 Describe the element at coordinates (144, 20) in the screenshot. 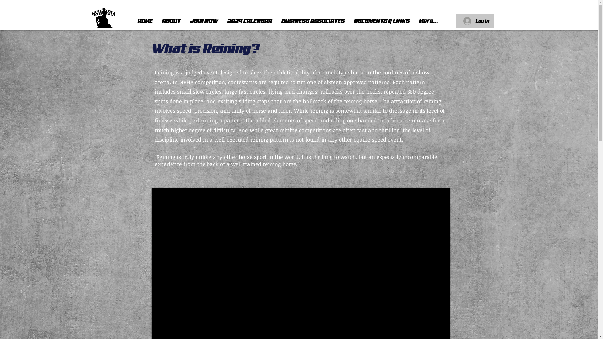

I see `'HOME'` at that location.